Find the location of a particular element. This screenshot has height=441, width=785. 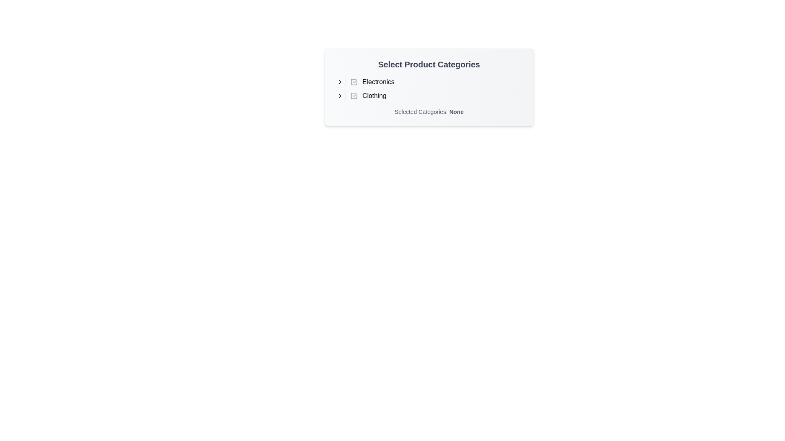

the button that serves as a navigation trigger for the 'Clothing' category is located at coordinates (340, 96).